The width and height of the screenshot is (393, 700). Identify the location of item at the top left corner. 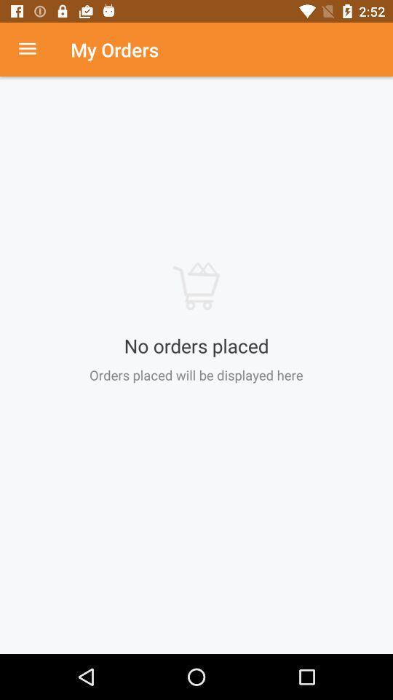
(35, 50).